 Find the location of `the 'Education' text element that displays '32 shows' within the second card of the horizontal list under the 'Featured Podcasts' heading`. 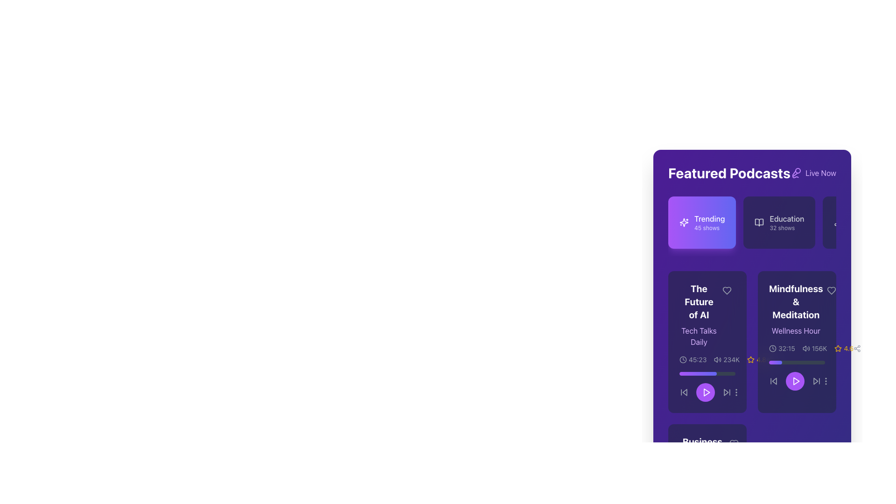

the 'Education' text element that displays '32 shows' within the second card of the horizontal list under the 'Featured Podcasts' heading is located at coordinates (786, 223).